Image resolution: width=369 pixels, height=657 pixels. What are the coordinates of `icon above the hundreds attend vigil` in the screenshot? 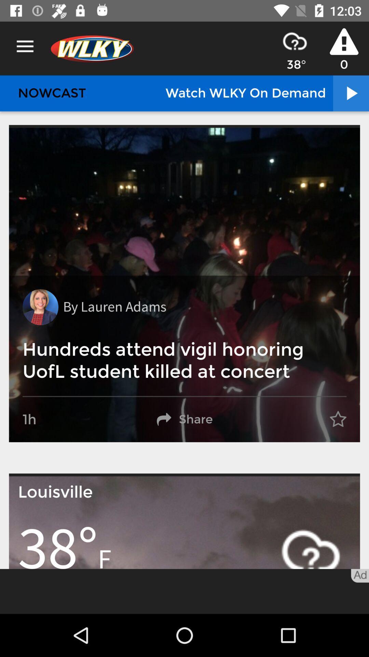 It's located at (40, 307).